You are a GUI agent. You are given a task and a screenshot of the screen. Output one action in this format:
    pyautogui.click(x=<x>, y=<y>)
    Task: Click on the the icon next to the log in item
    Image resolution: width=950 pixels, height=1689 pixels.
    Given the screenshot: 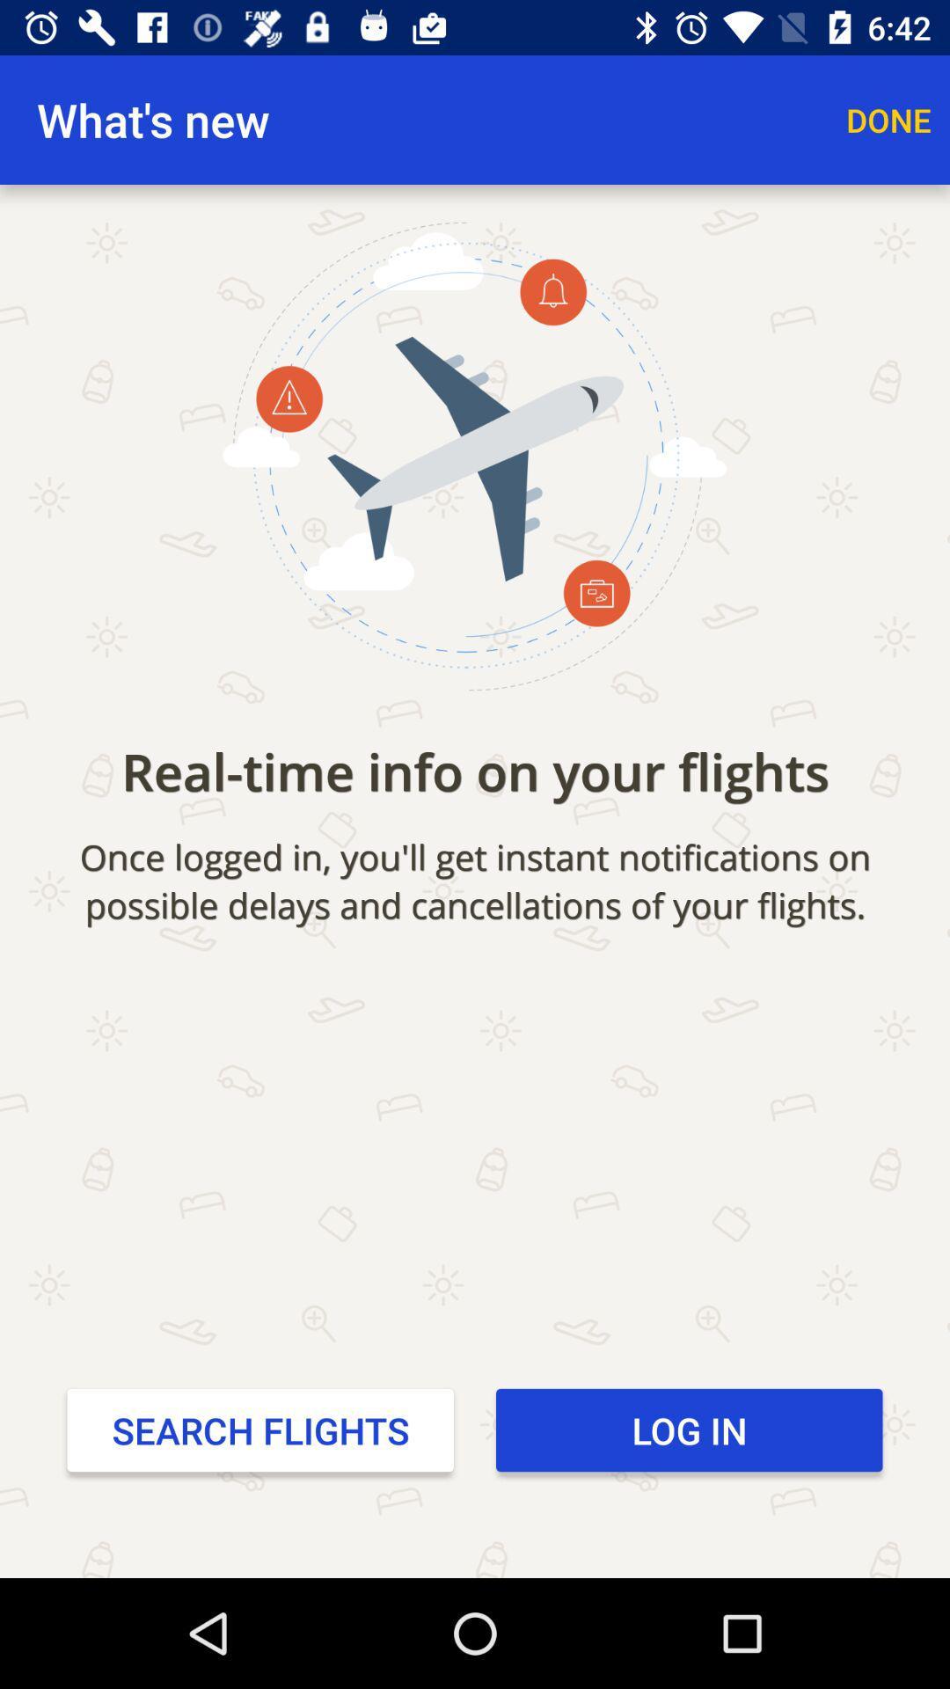 What is the action you would take?
    pyautogui.click(x=260, y=1430)
    